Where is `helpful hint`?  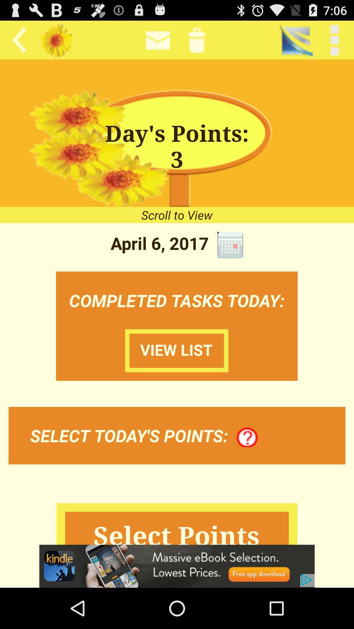 helpful hint is located at coordinates (247, 437).